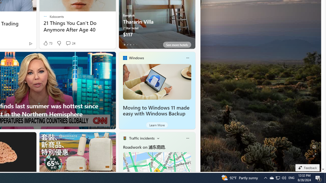  I want to click on 'Traffic incidents', so click(142, 138).